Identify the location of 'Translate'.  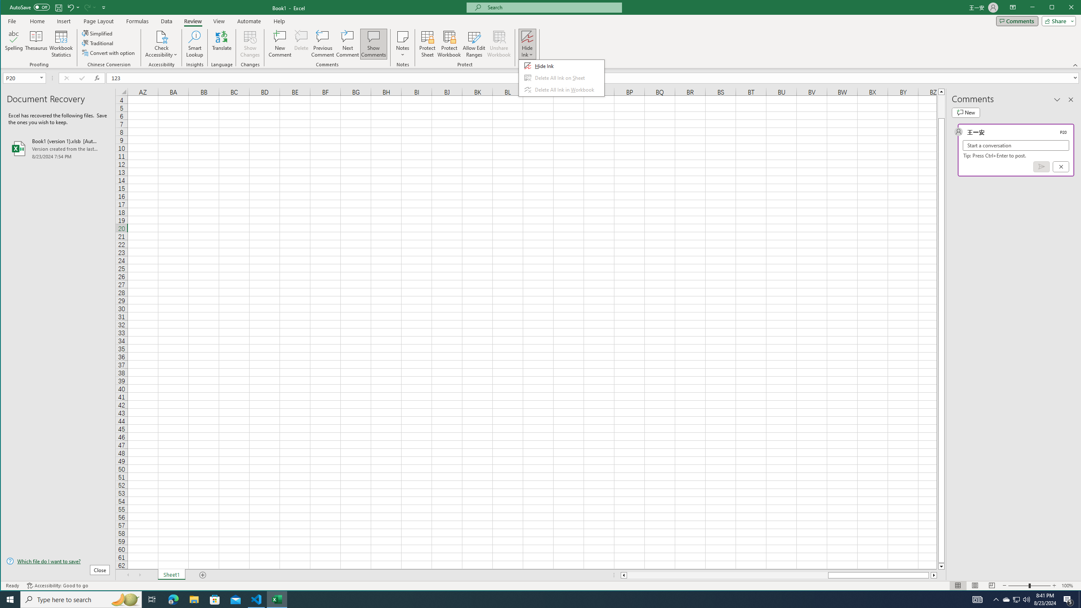
(221, 43).